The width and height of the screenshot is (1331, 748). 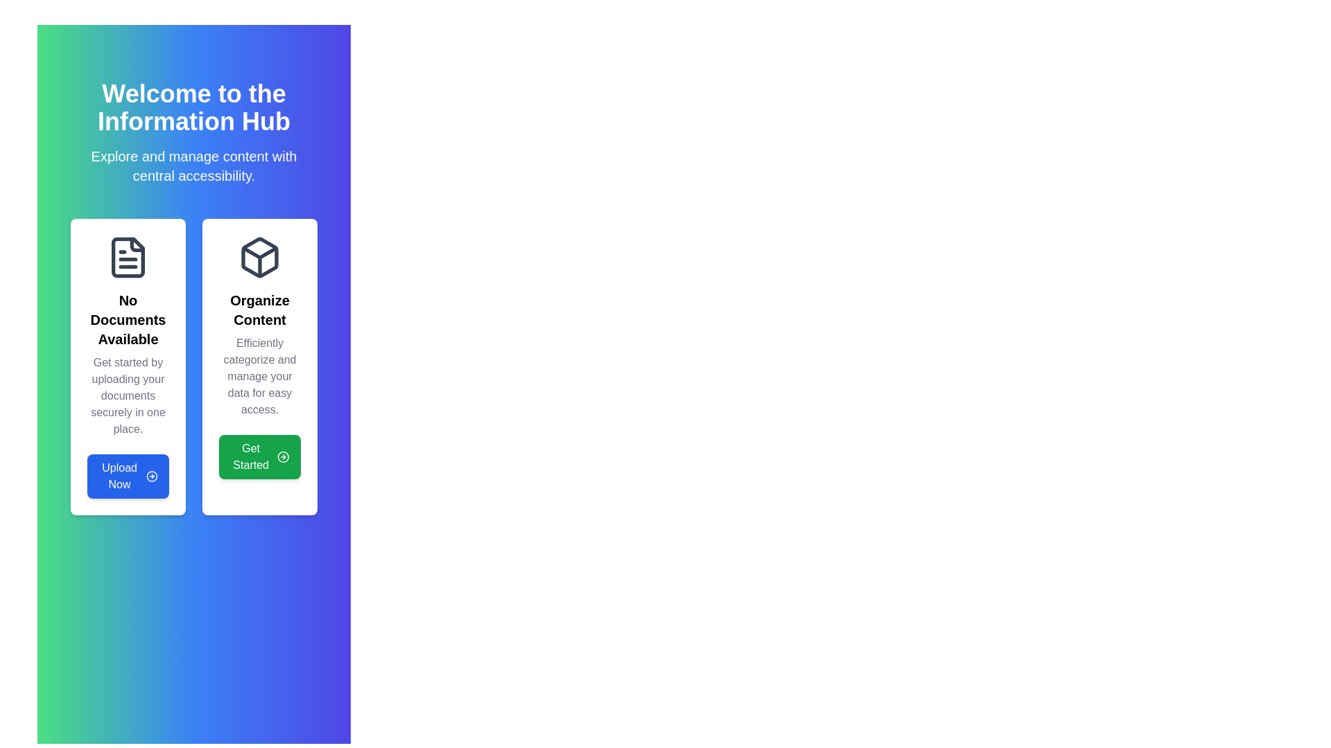 What do you see at coordinates (193, 133) in the screenshot?
I see `the text block that displays 'Welcome to the Information Hub', which is a bold and large font text centered in a gradient background` at bounding box center [193, 133].